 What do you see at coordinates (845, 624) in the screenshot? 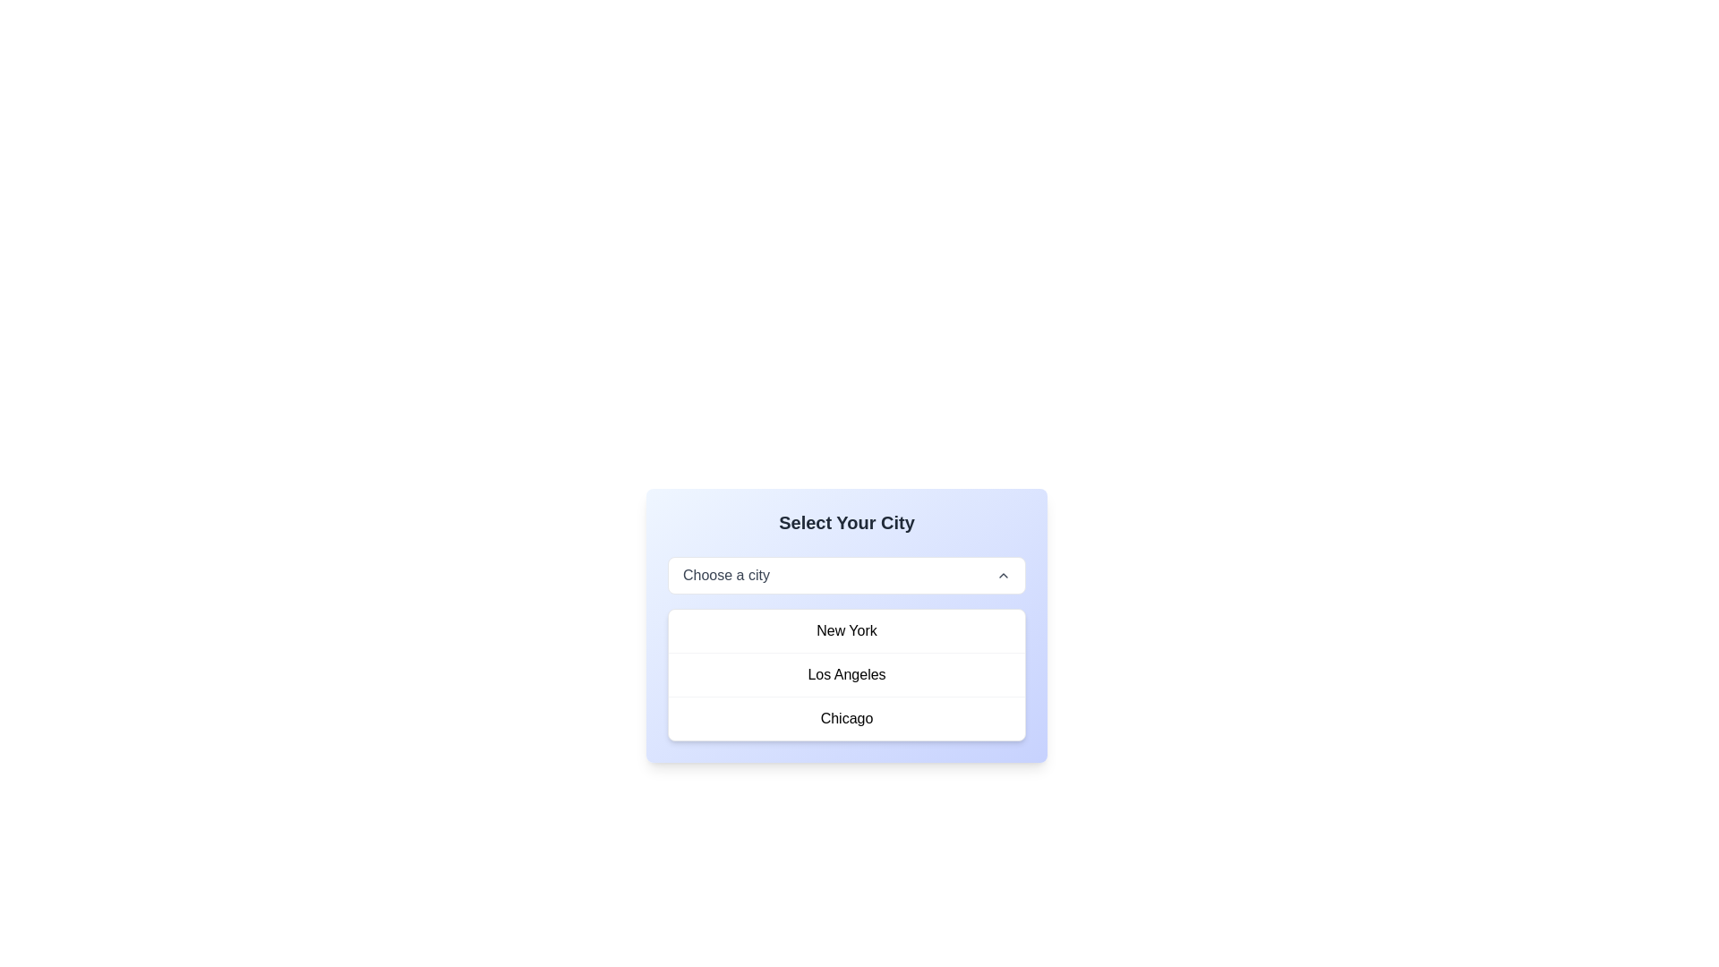
I see `the options in the Dropdown menu labeled 'Choose a city'` at bounding box center [845, 624].